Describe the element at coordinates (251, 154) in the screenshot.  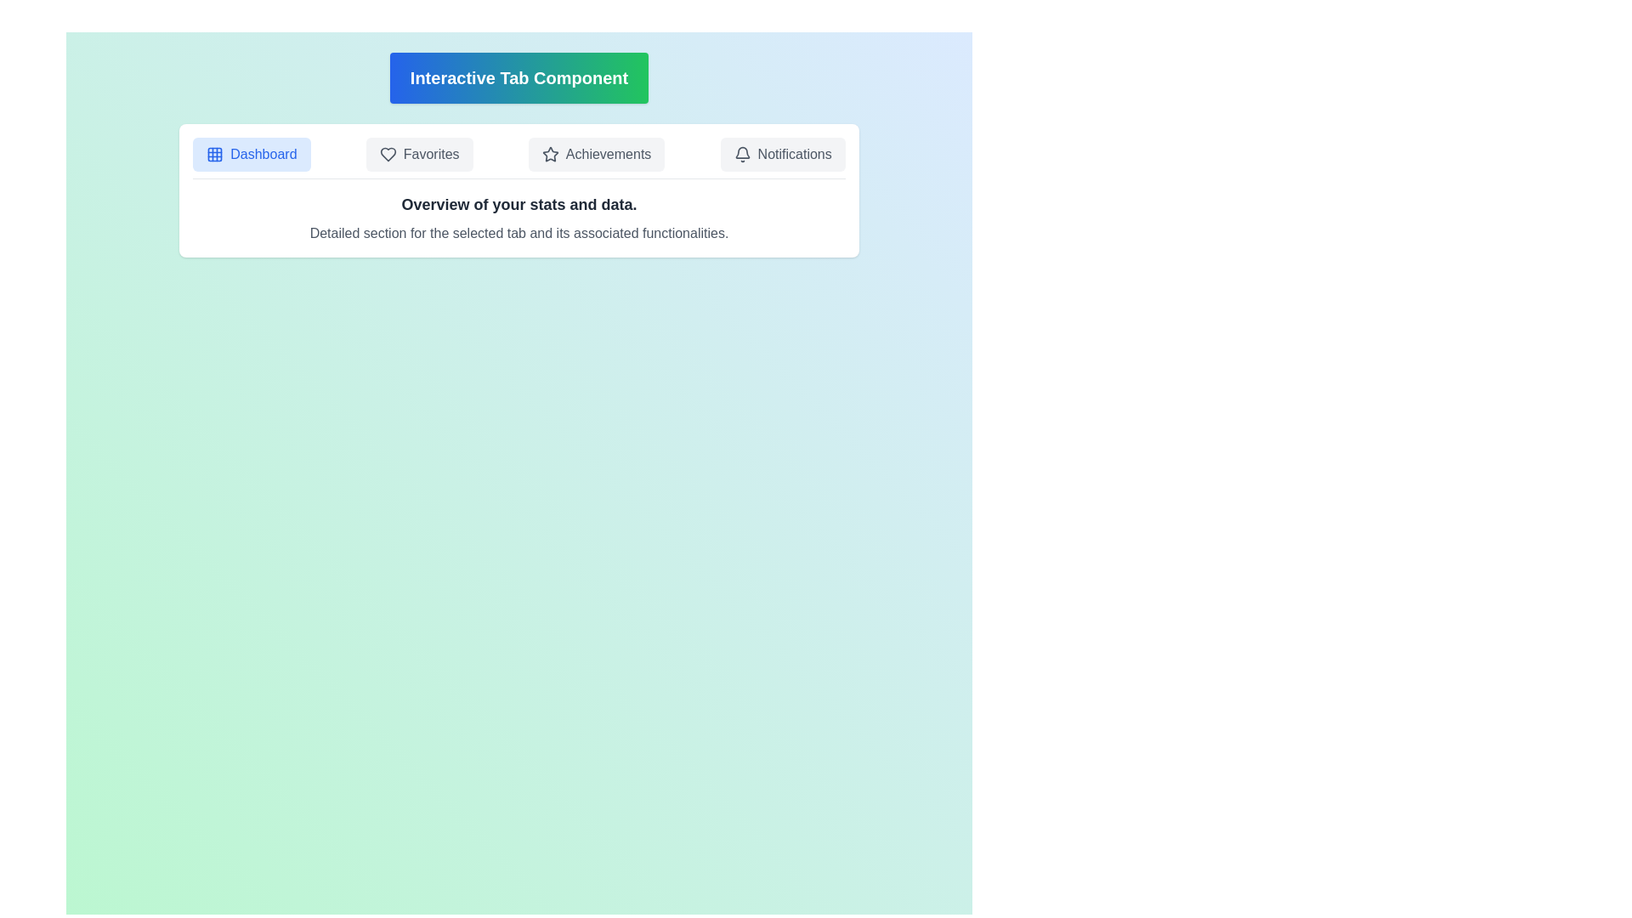
I see `the tab labeled Dashboard to view its associated content` at that location.